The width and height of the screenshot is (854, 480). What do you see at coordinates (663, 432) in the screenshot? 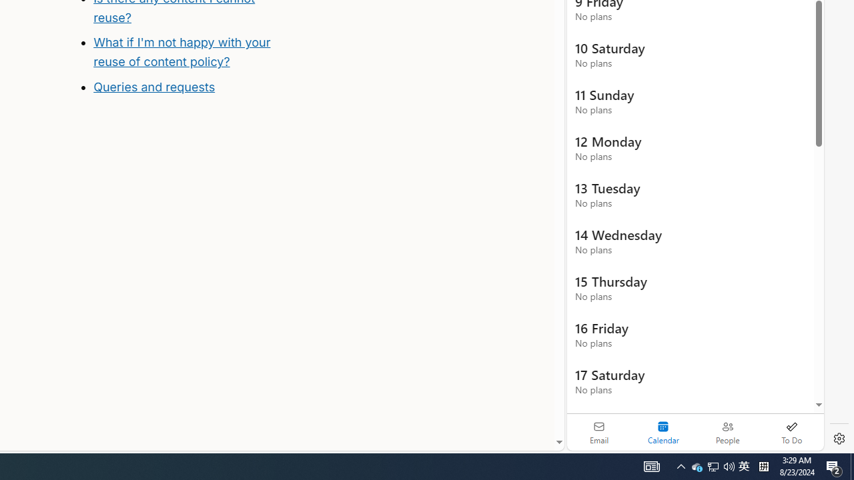
I see `'Selected calendar module. Date today is 22'` at bounding box center [663, 432].